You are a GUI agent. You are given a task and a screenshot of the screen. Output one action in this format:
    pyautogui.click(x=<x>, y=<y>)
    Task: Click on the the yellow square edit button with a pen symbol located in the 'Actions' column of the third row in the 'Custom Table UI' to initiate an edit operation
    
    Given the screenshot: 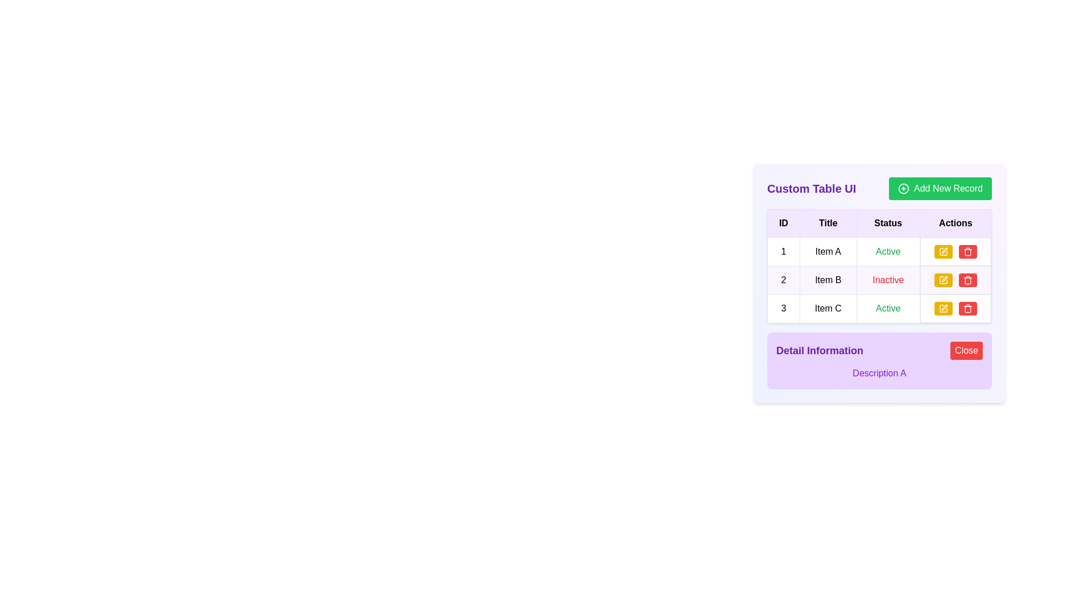 What is the action you would take?
    pyautogui.click(x=943, y=309)
    